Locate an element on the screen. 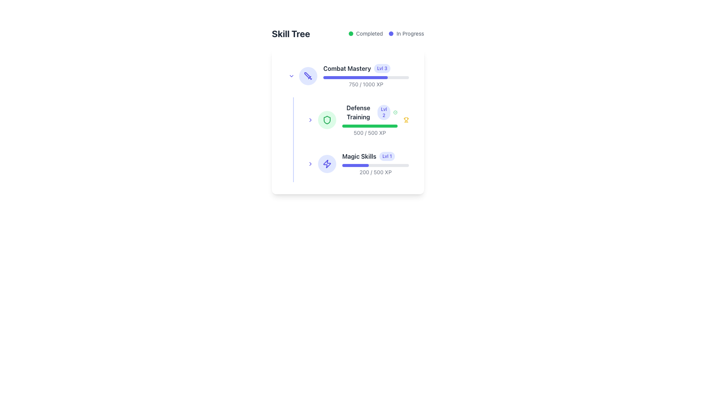  the level indicator label associated with 'Magic Skills', located to the right of the 'Magic Skills' text in the skill progress section is located at coordinates (387, 156).